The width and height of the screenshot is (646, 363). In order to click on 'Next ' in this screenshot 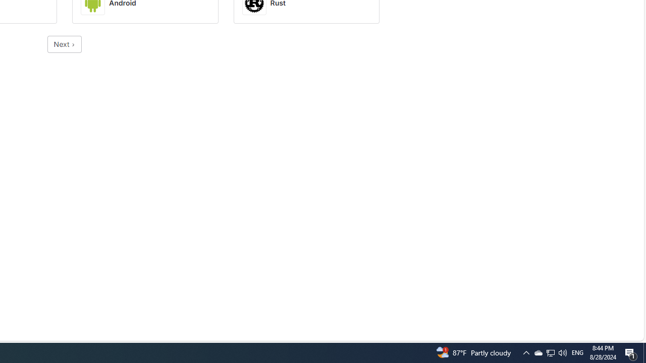, I will do `click(64, 44)`.